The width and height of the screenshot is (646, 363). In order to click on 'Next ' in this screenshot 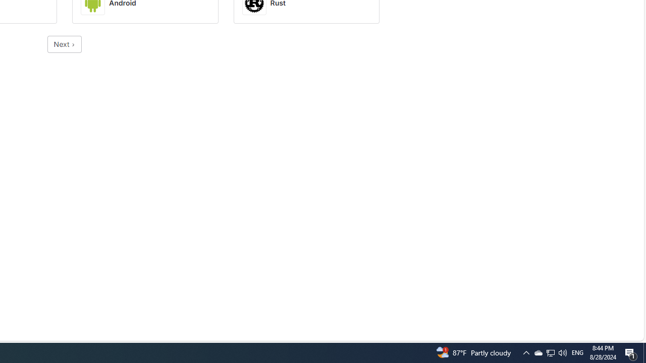, I will do `click(64, 44)`.